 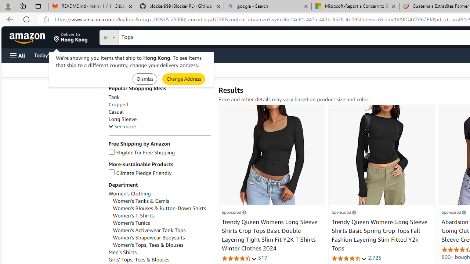 What do you see at coordinates (161, 230) in the screenshot?
I see `'Women'` at bounding box center [161, 230].